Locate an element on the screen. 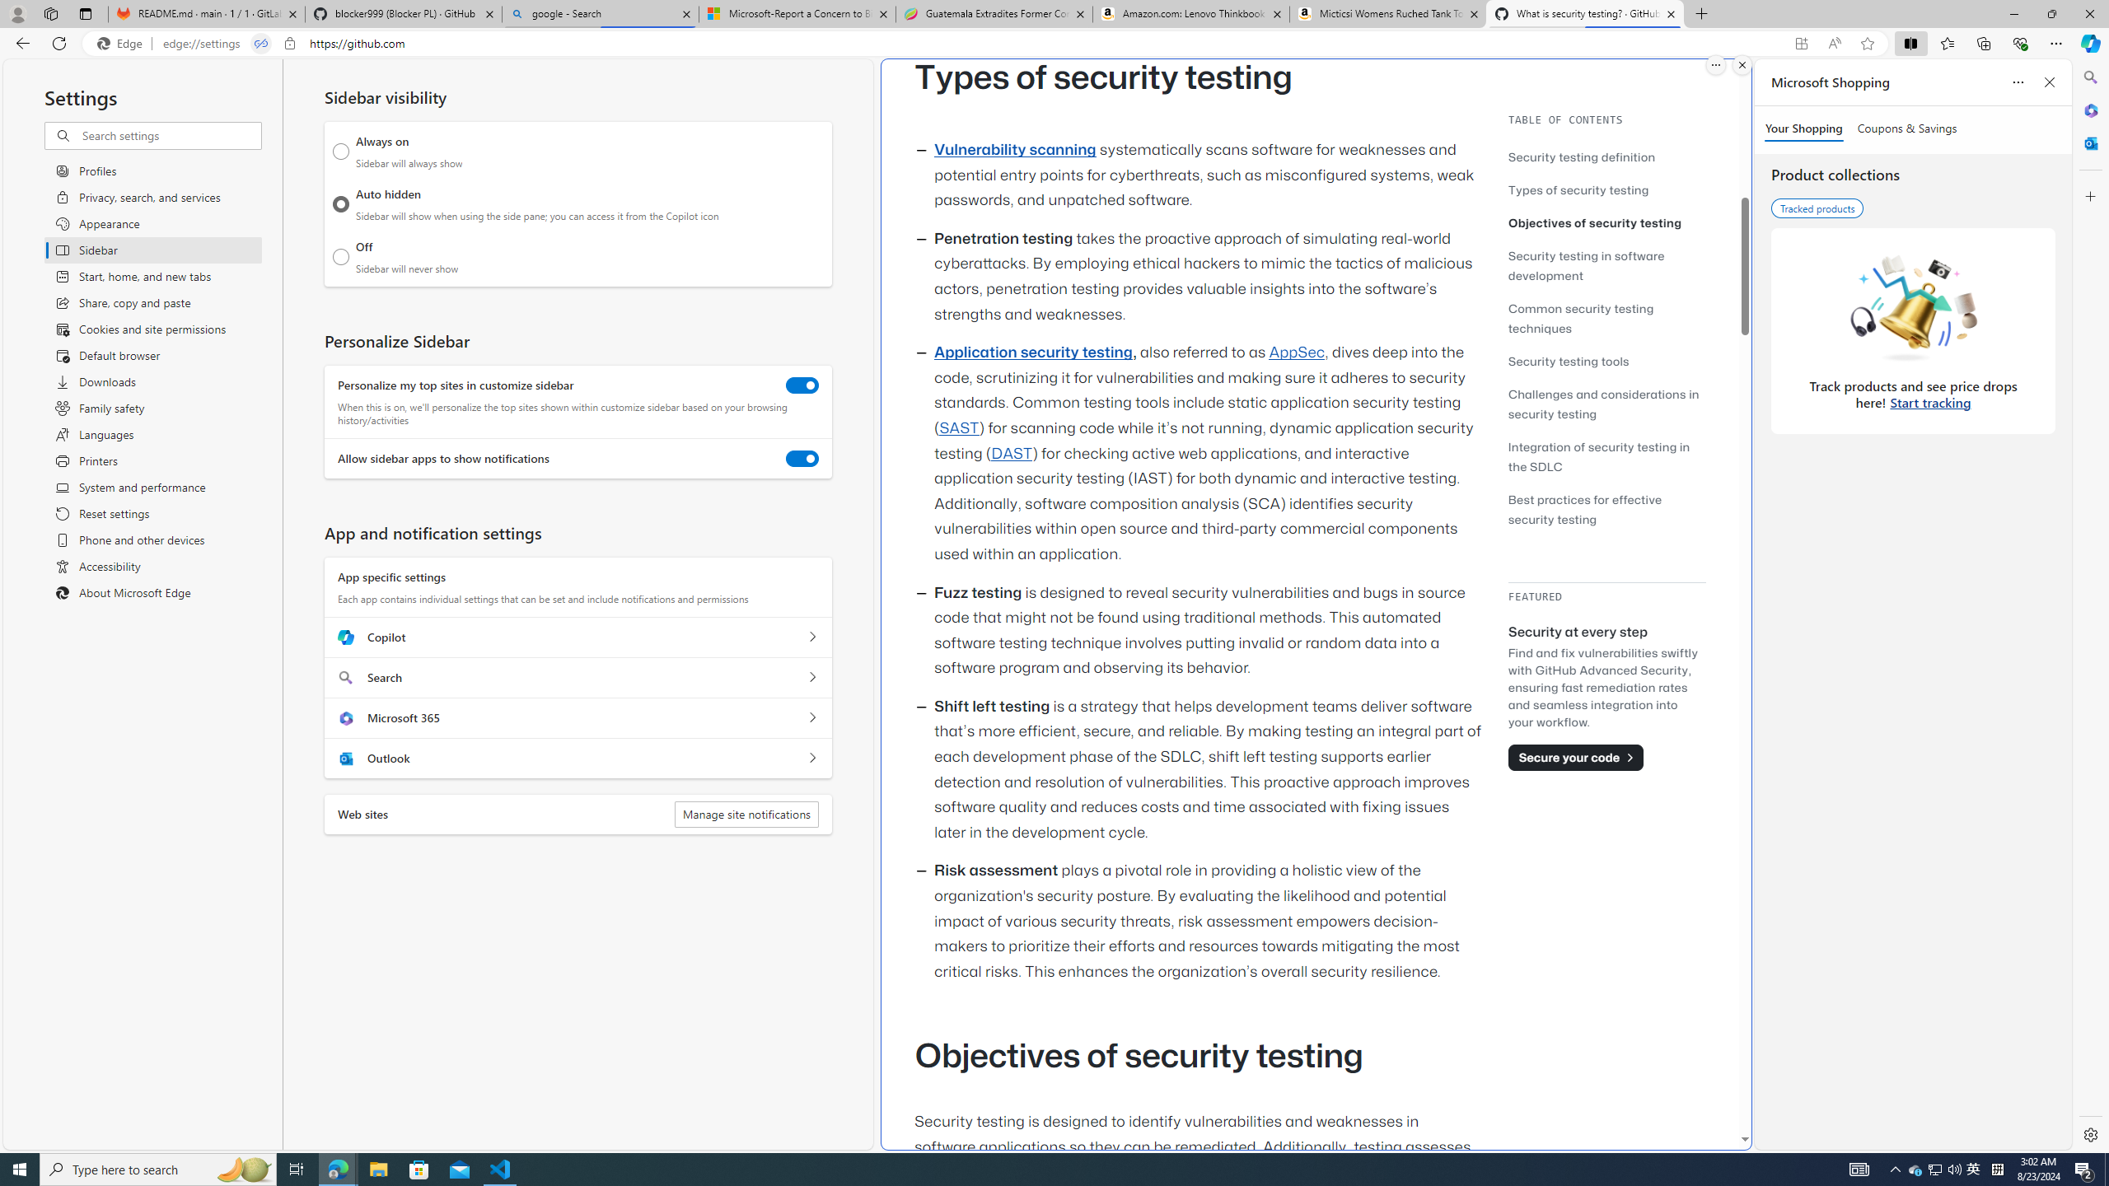  'Security testing tools' is located at coordinates (1606, 360).